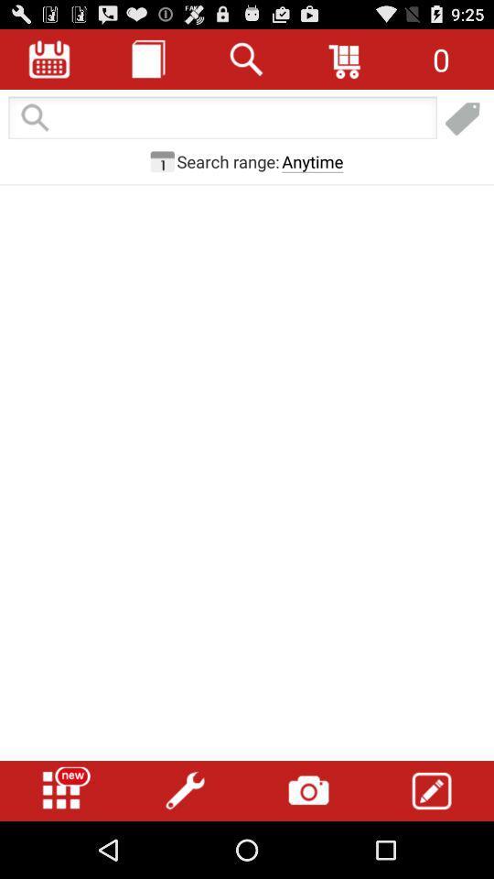  Describe the element at coordinates (346, 59) in the screenshot. I see `app next to 0` at that location.